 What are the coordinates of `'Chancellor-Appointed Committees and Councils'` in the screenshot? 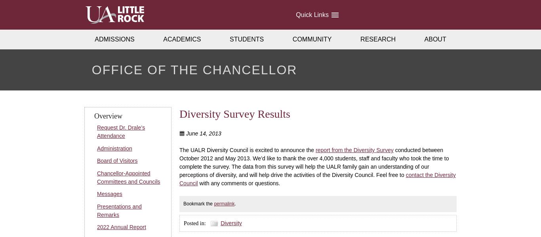 It's located at (128, 177).